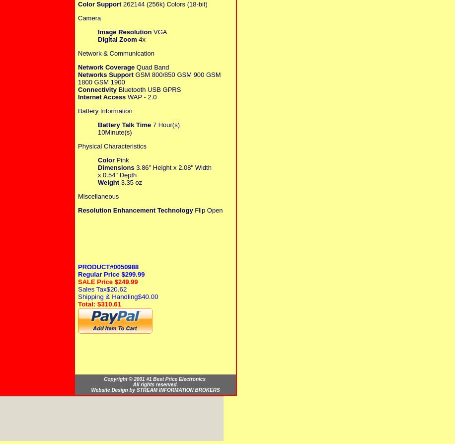 This screenshot has height=444, width=455. What do you see at coordinates (118, 296) in the screenshot?
I see `'Shipping &
                                    Handling$40.00'` at bounding box center [118, 296].